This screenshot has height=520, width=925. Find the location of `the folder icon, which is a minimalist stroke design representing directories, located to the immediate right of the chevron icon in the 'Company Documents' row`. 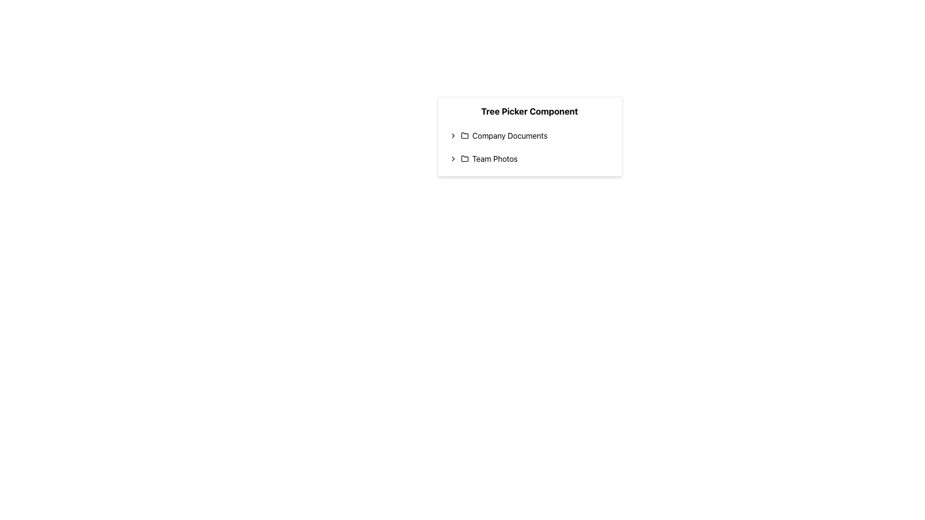

the folder icon, which is a minimalist stroke design representing directories, located to the immediate right of the chevron icon in the 'Company Documents' row is located at coordinates (464, 135).